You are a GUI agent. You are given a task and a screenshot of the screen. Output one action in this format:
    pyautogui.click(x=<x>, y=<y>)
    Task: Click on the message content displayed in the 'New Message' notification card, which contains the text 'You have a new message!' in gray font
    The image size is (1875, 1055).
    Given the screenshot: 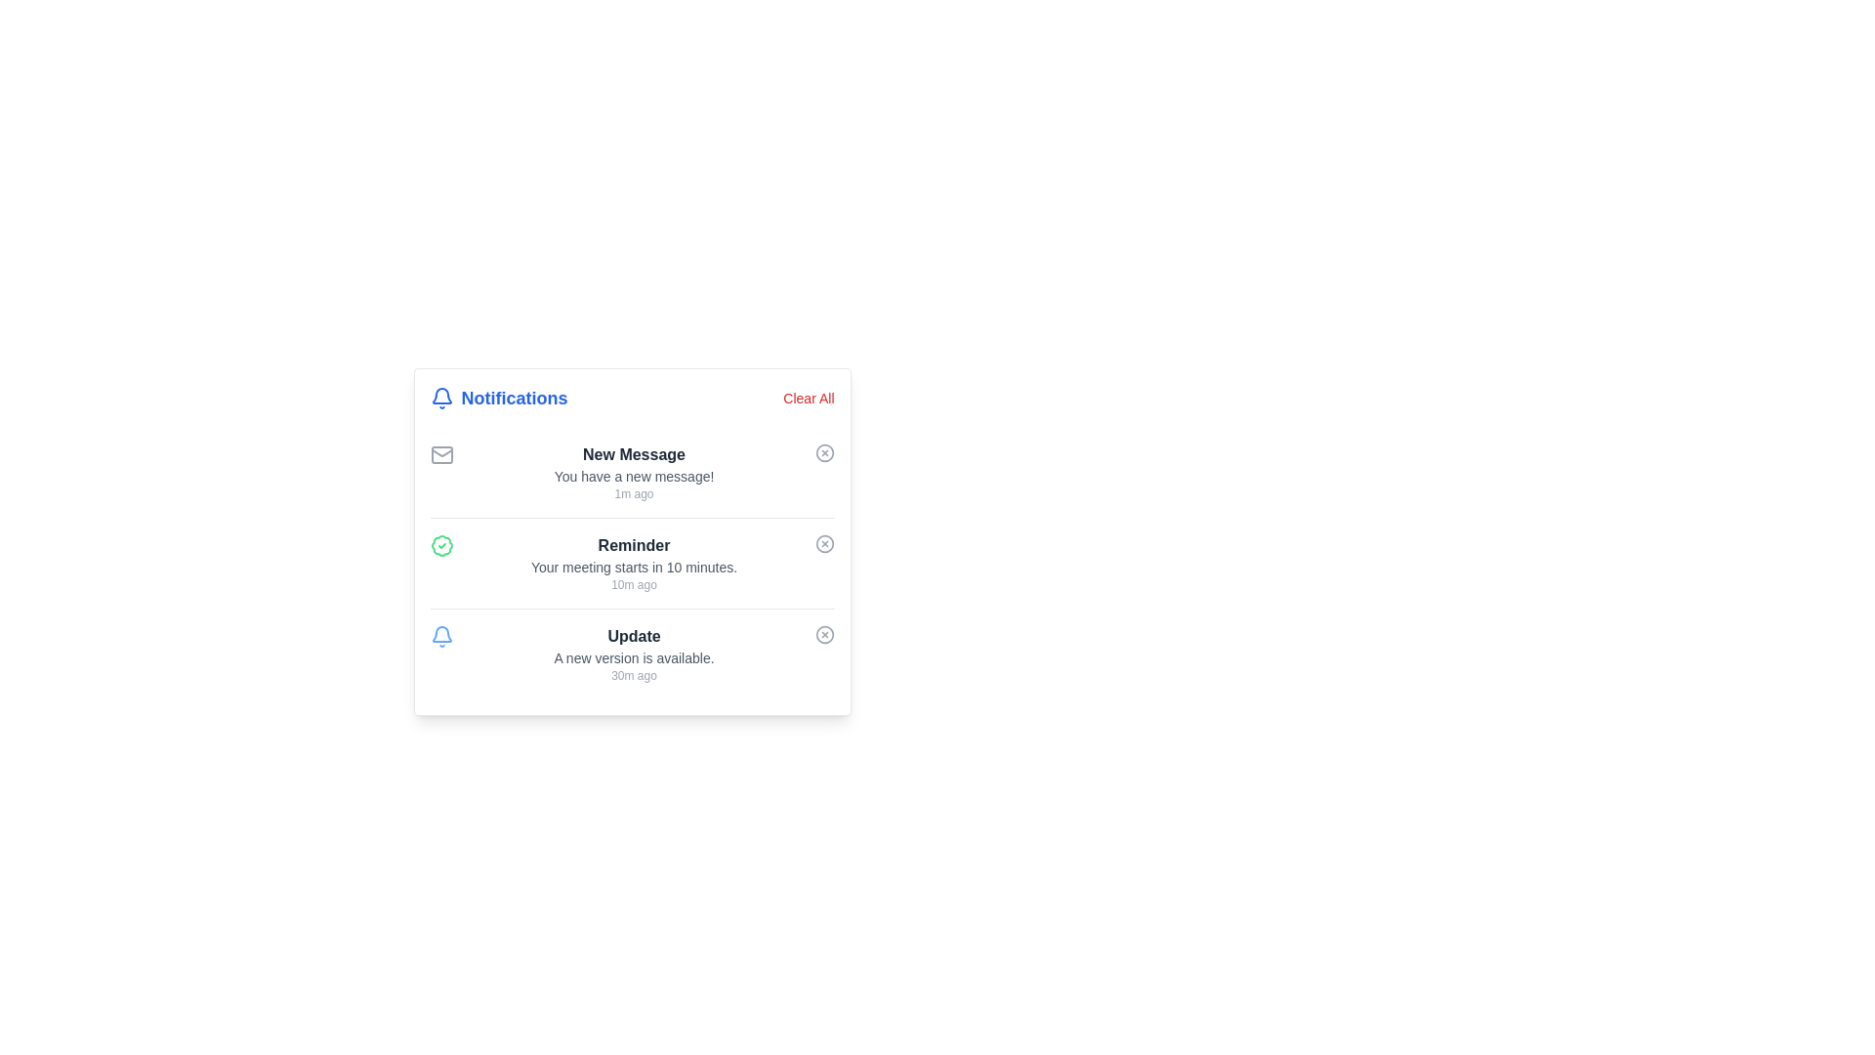 What is the action you would take?
    pyautogui.click(x=634, y=477)
    